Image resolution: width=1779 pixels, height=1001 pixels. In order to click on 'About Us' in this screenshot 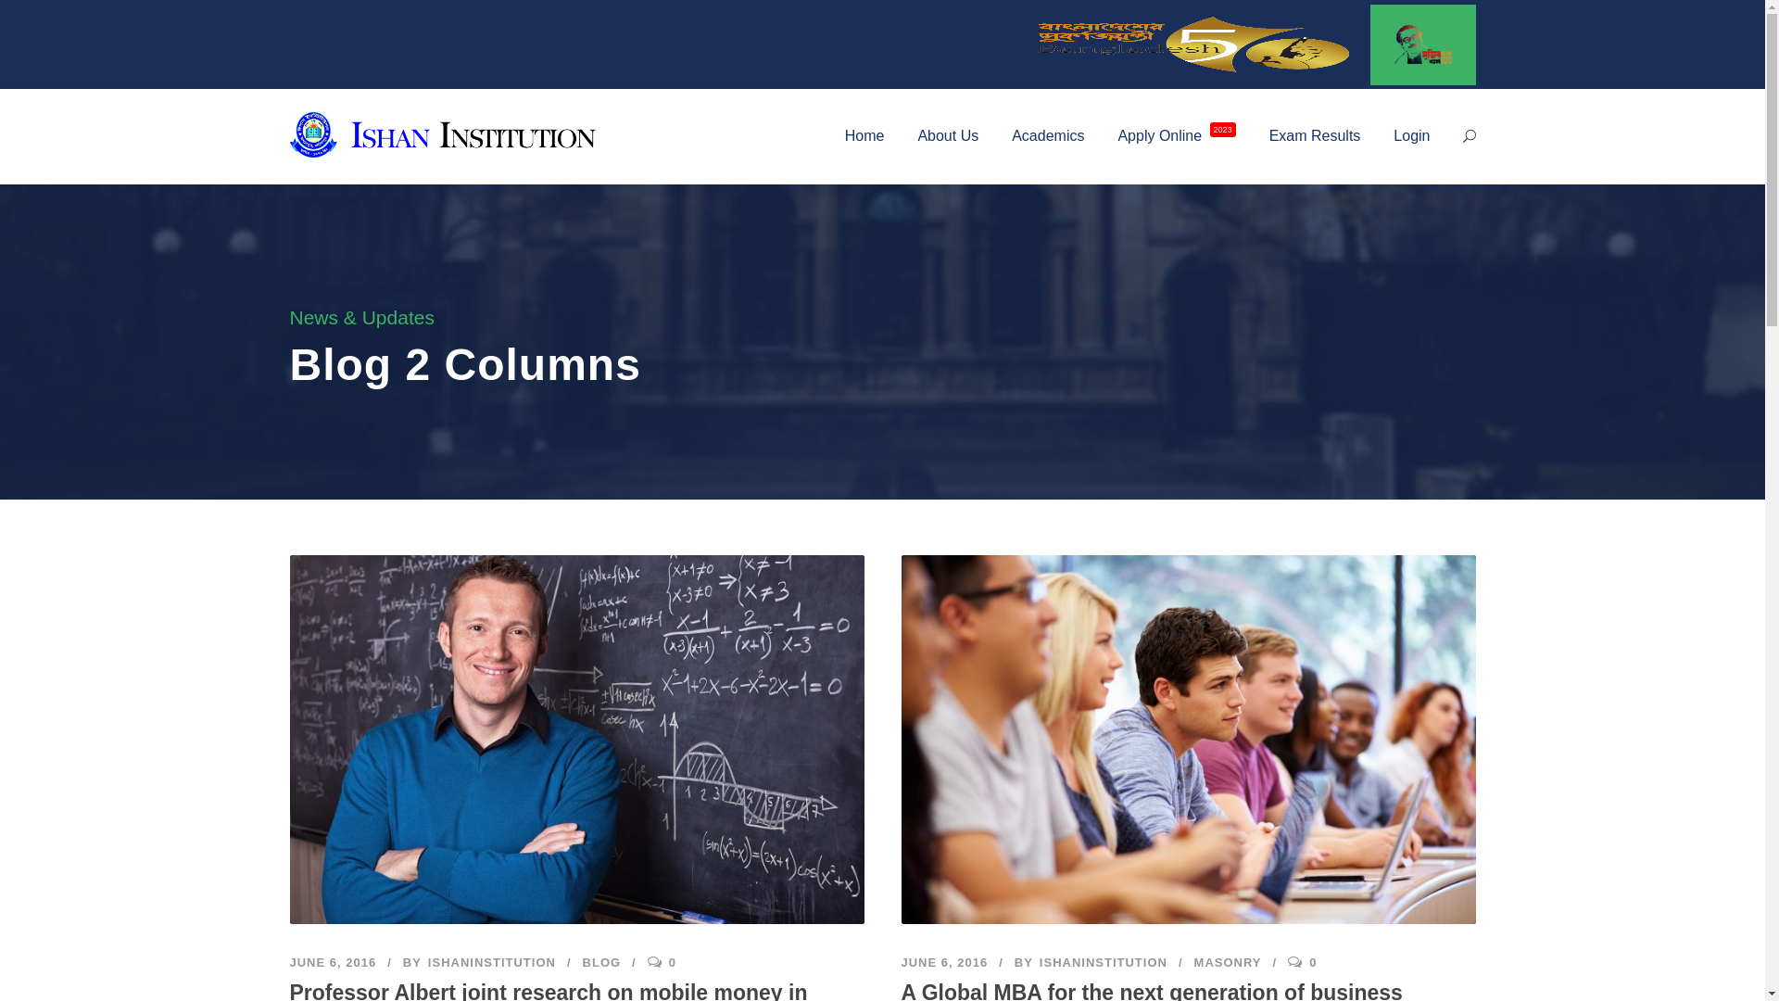, I will do `click(947, 150)`.